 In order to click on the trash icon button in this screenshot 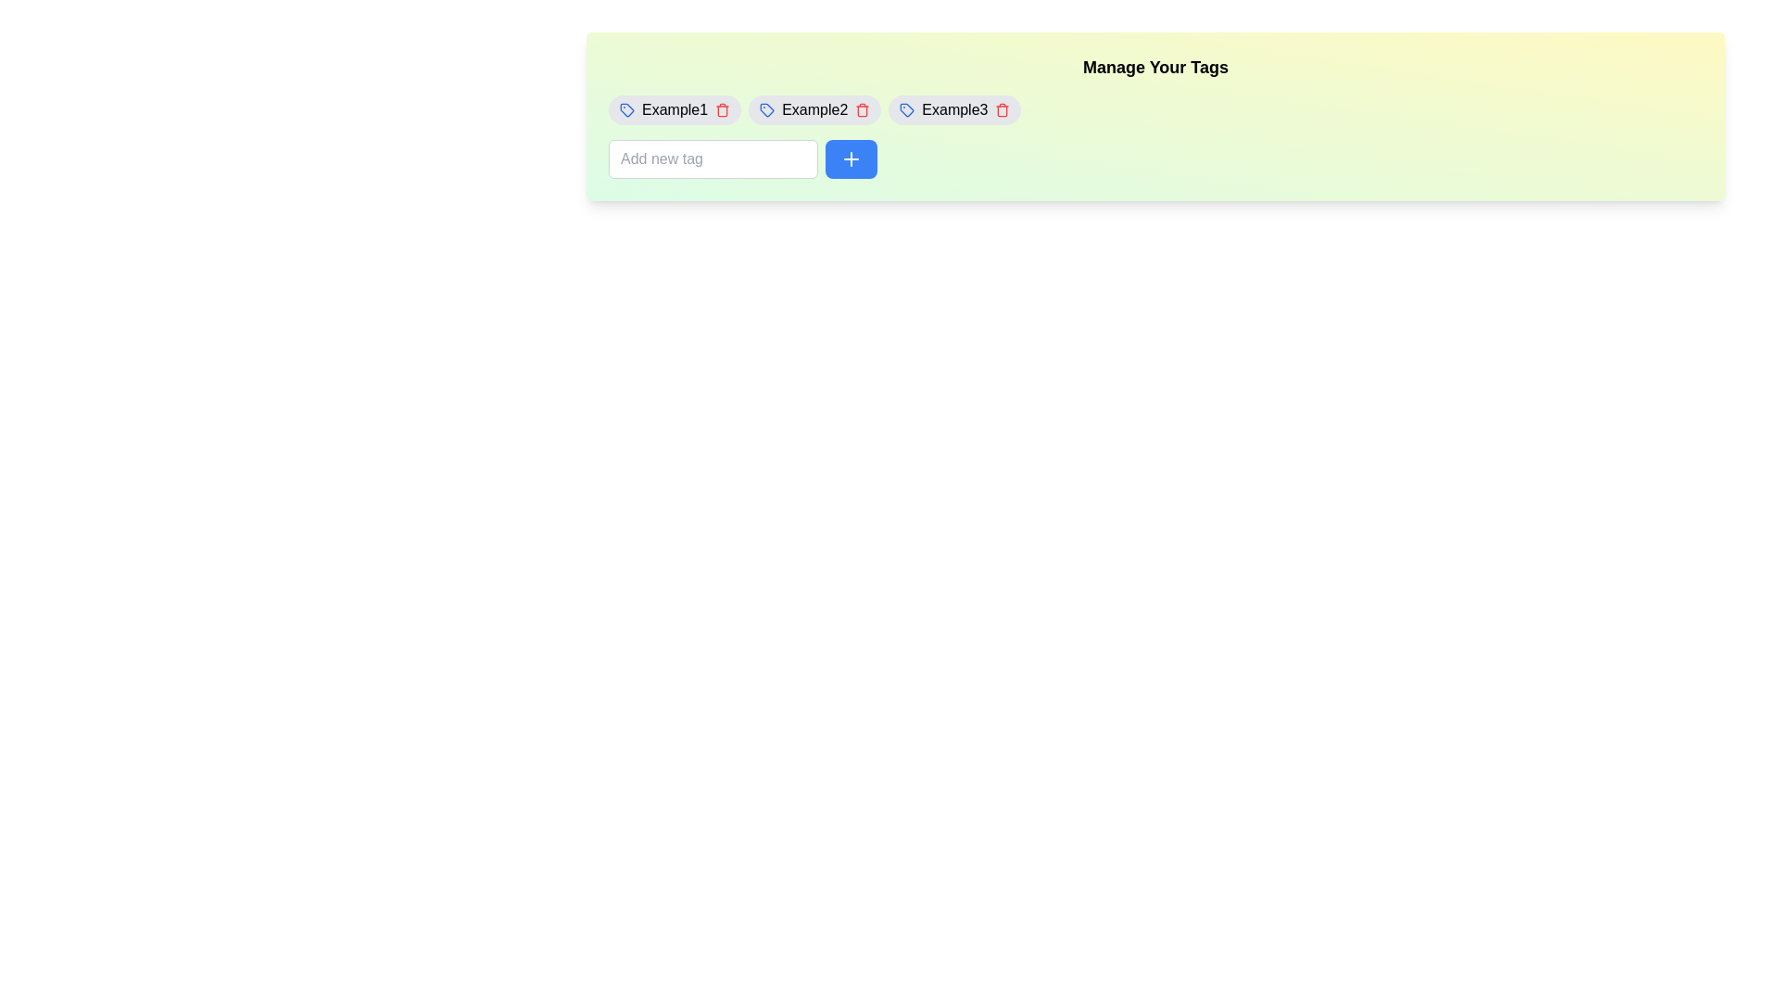, I will do `click(722, 110)`.